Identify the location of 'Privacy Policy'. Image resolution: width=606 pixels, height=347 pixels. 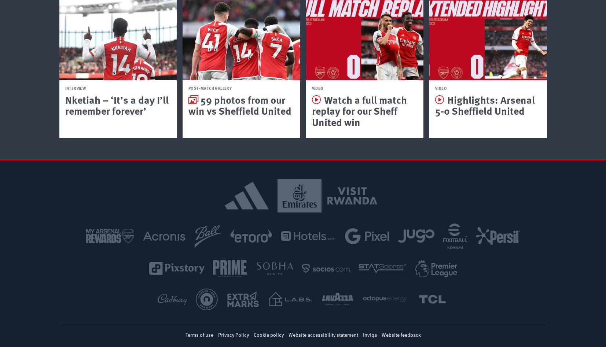
(233, 334).